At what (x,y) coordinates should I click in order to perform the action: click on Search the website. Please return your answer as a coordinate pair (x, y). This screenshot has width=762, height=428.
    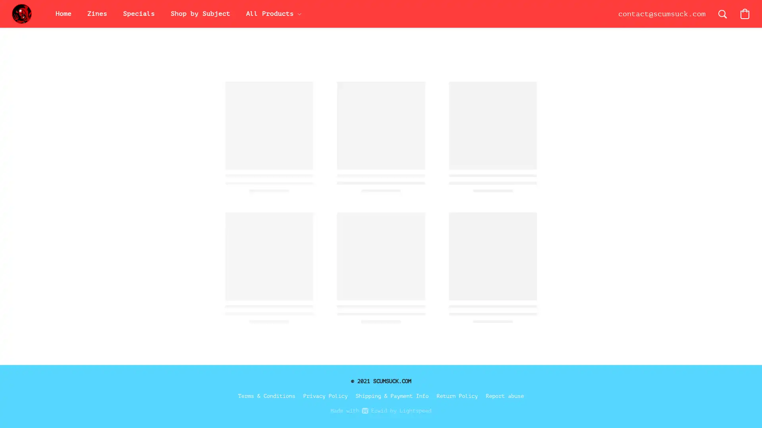
    Looking at the image, I should click on (722, 13).